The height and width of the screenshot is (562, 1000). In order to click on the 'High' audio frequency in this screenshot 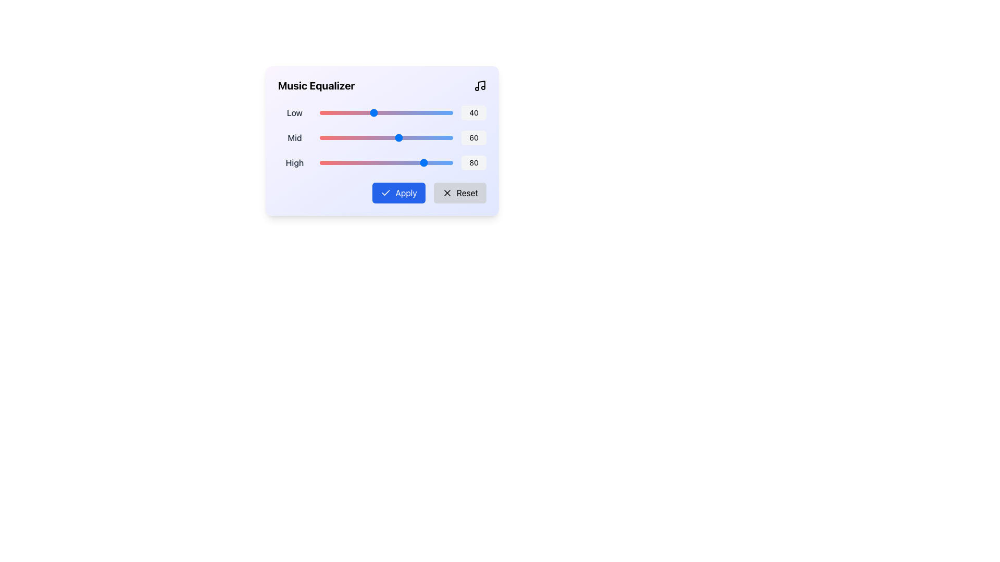, I will do `click(366, 162)`.